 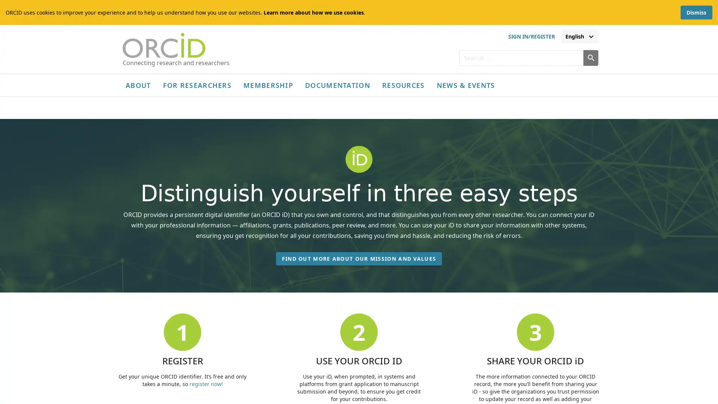 What do you see at coordinates (268, 85) in the screenshot?
I see `MEMBERSHIP` at bounding box center [268, 85].